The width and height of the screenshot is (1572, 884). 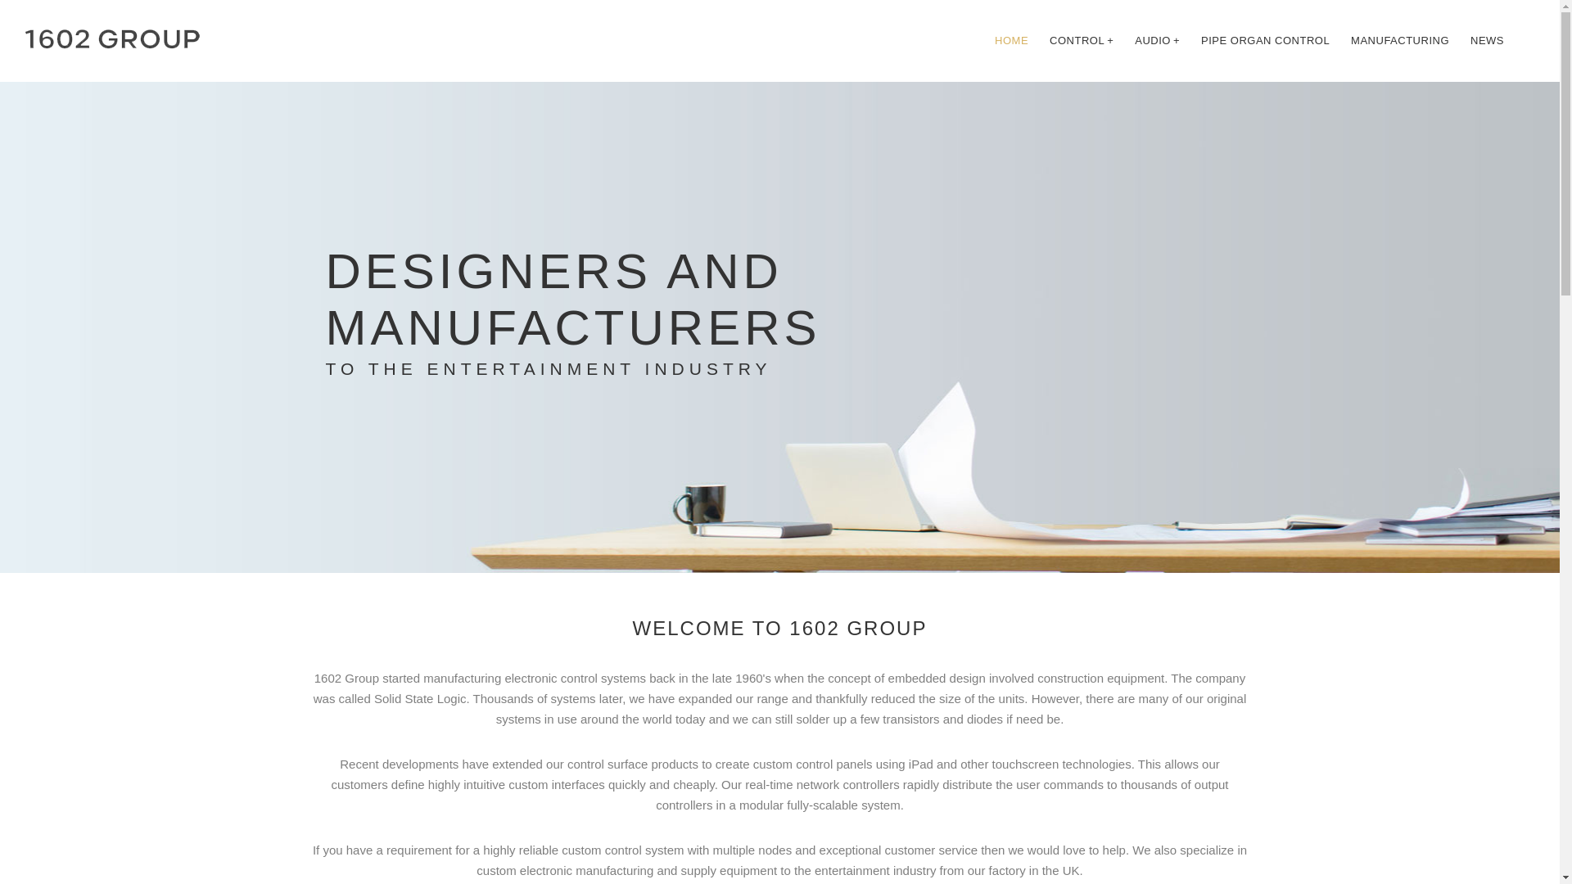 I want to click on 'HOME', so click(x=984, y=40).